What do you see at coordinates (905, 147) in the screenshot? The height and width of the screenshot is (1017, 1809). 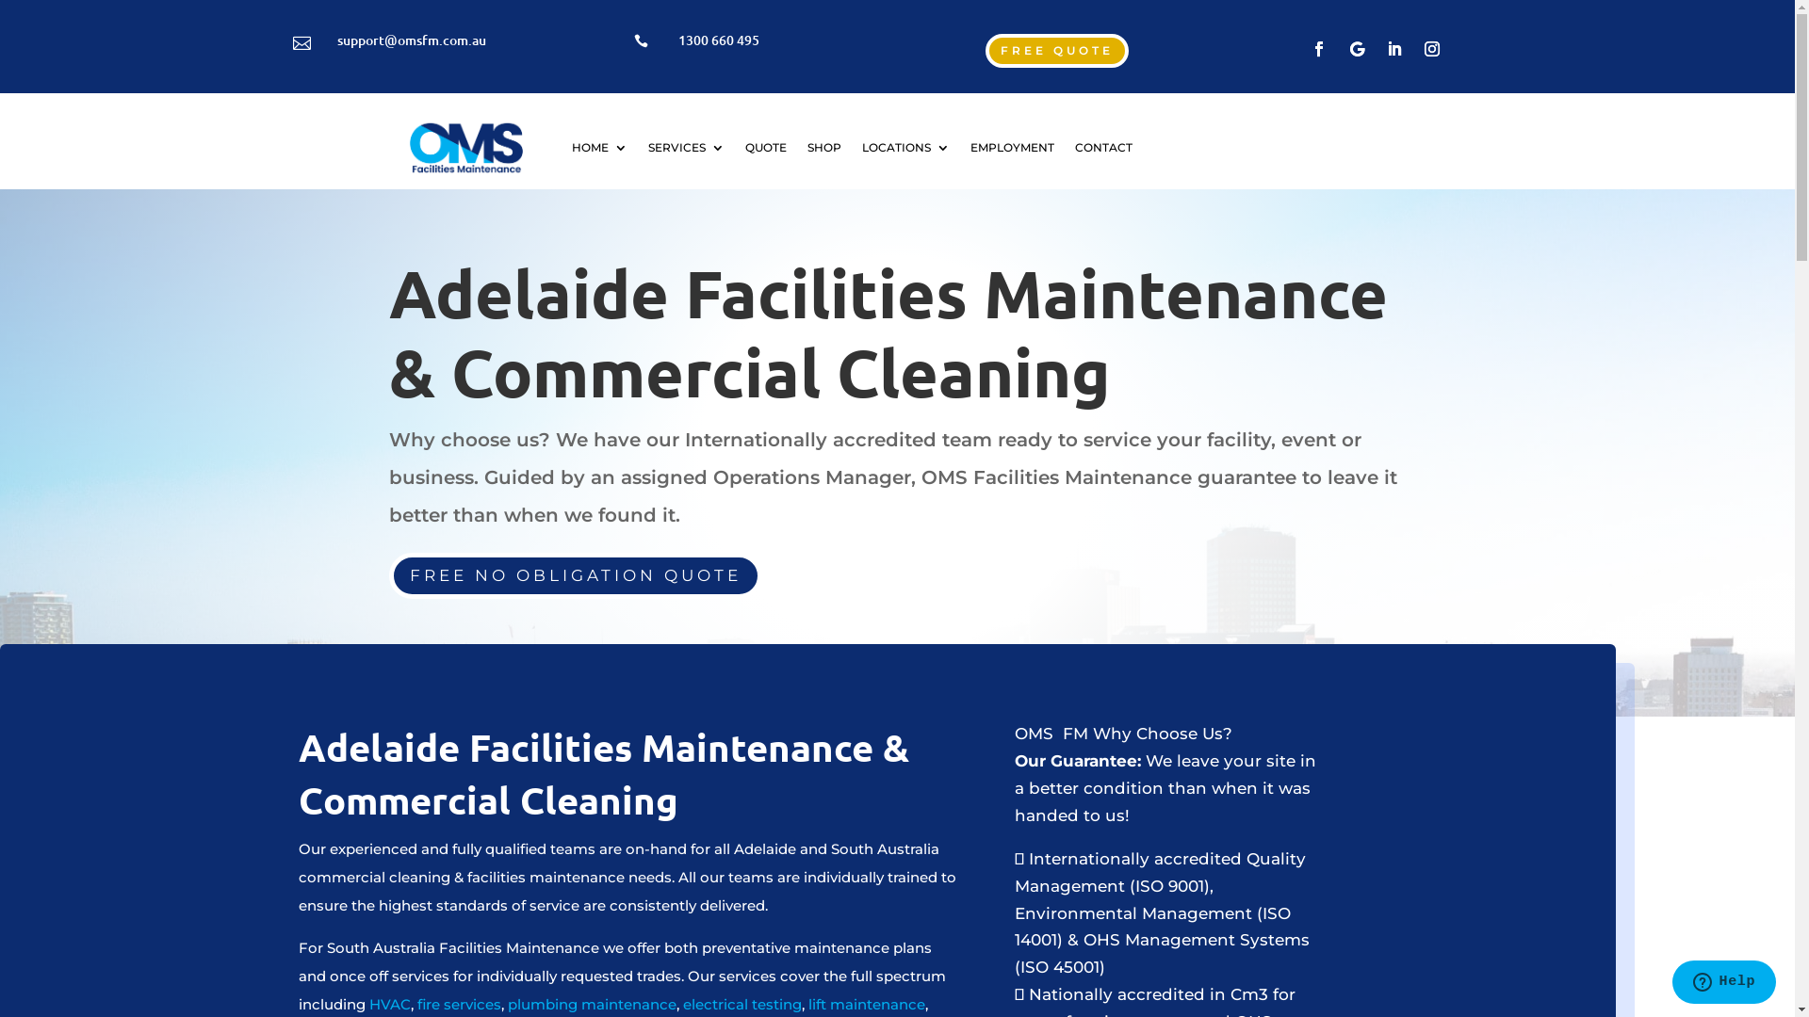 I see `'LOCATIONS'` at bounding box center [905, 147].